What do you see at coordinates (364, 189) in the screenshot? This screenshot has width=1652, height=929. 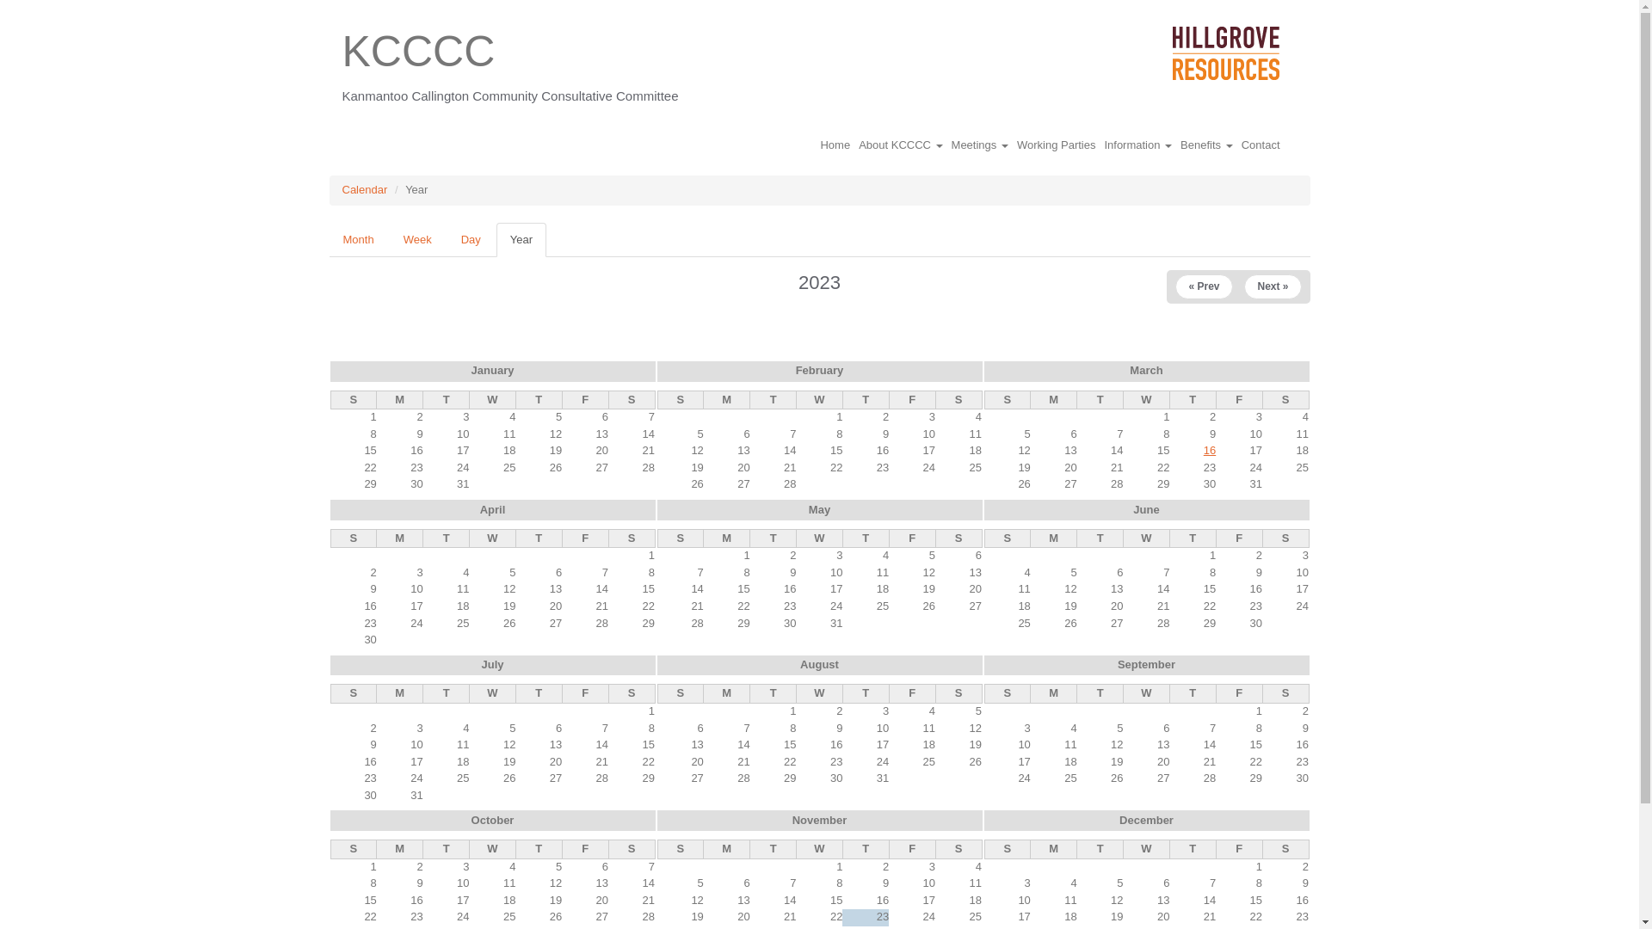 I see `'Calendar'` at bounding box center [364, 189].